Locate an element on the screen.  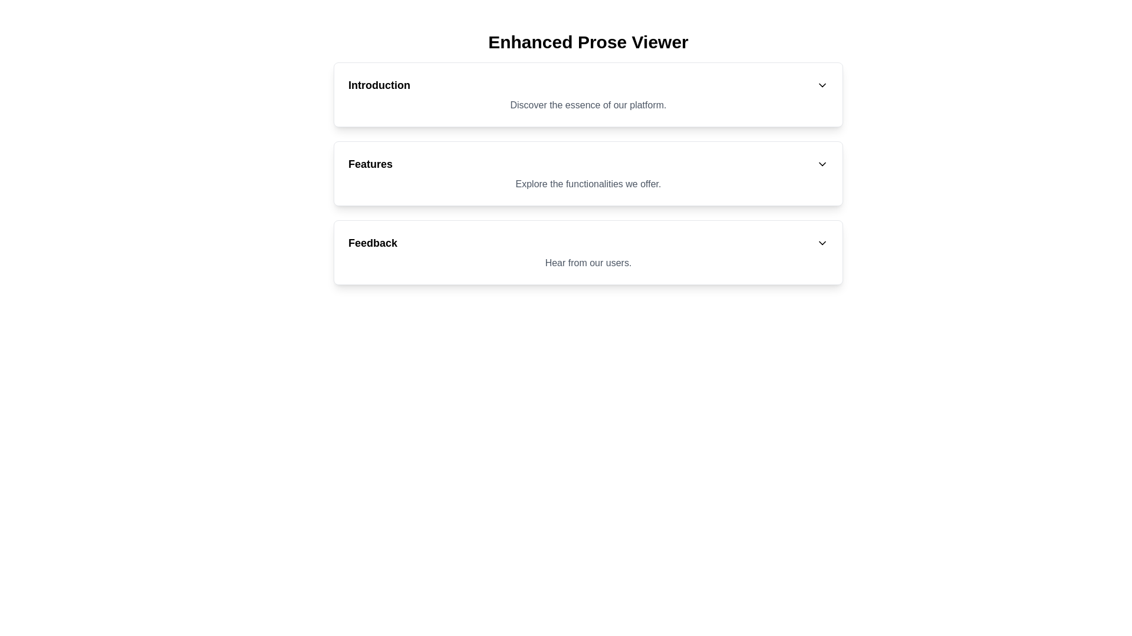
the downward chevron icon representing the dropdown indicator located in the rightmost section of the 'Feedback' row is located at coordinates (822, 242).